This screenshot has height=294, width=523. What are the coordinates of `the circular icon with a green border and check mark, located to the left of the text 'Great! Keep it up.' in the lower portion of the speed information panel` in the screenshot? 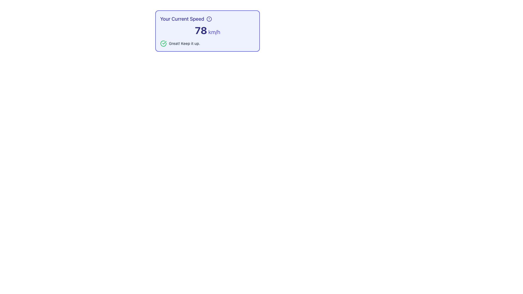 It's located at (163, 43).